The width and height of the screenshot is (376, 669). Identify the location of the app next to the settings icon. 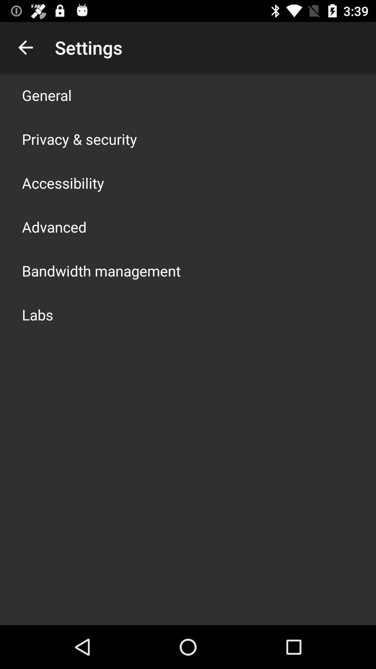
(25, 47).